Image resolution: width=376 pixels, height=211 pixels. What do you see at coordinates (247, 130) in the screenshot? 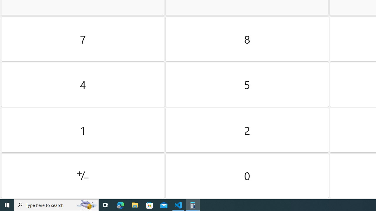
I see `'Two'` at bounding box center [247, 130].